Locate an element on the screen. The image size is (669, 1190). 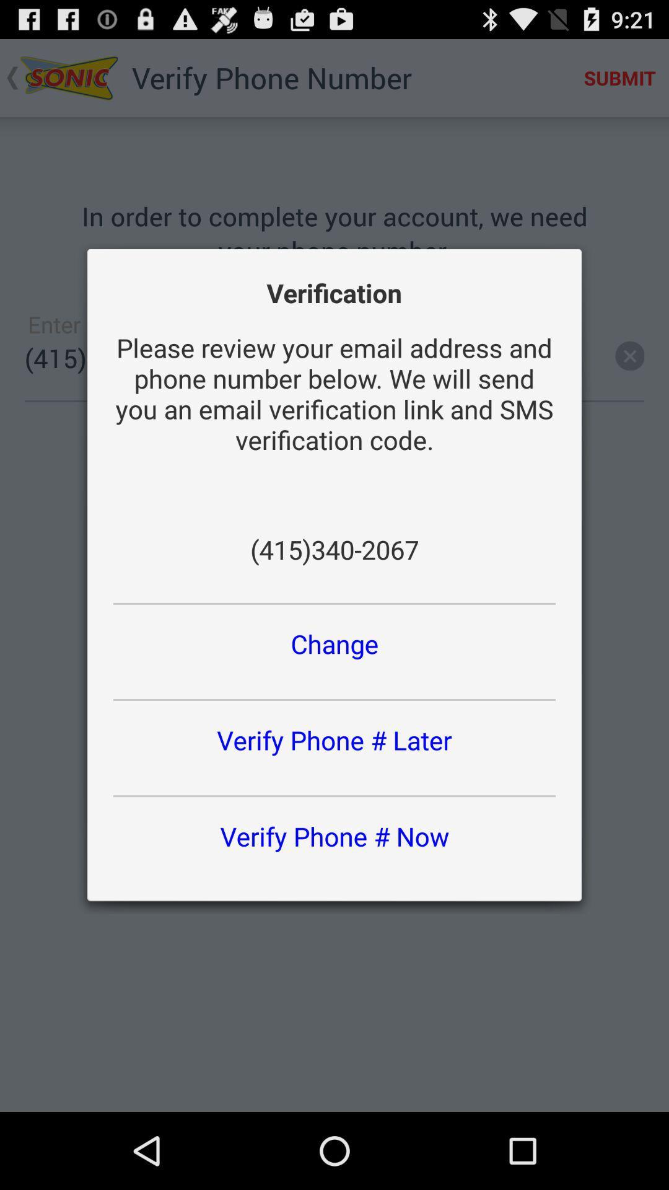
change item is located at coordinates (334, 643).